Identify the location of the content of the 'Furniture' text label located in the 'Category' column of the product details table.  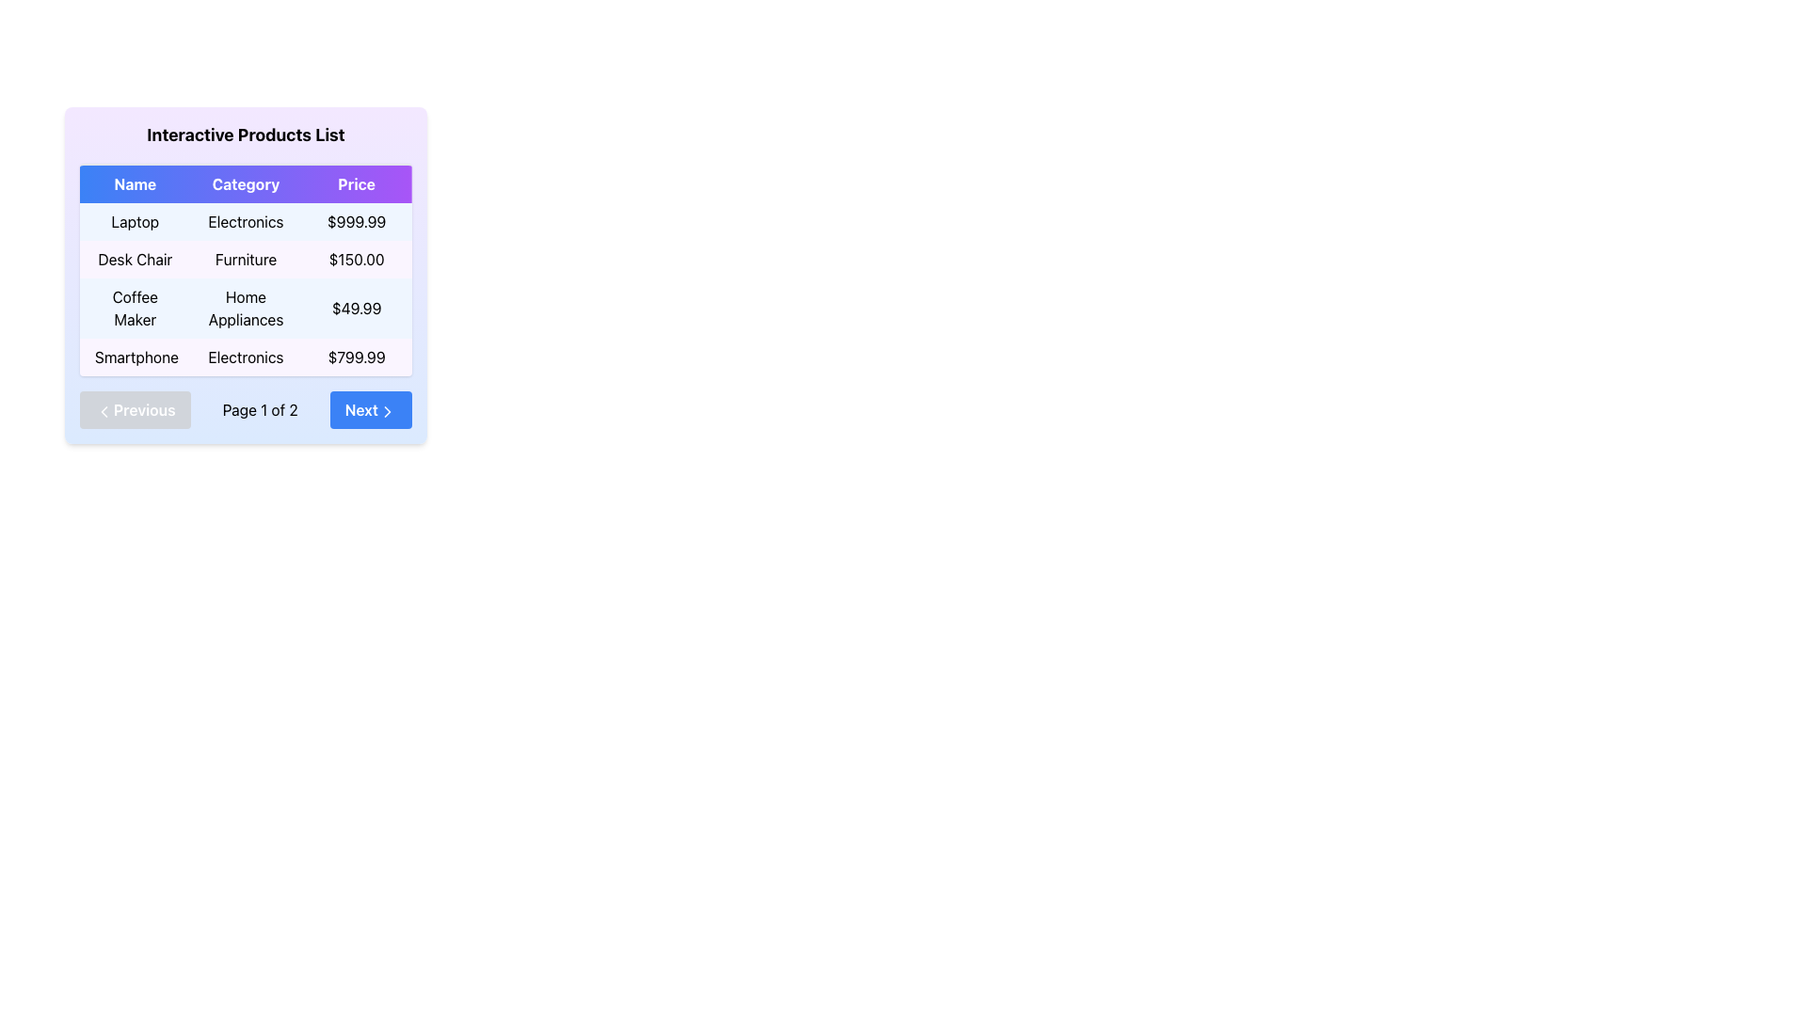
(245, 260).